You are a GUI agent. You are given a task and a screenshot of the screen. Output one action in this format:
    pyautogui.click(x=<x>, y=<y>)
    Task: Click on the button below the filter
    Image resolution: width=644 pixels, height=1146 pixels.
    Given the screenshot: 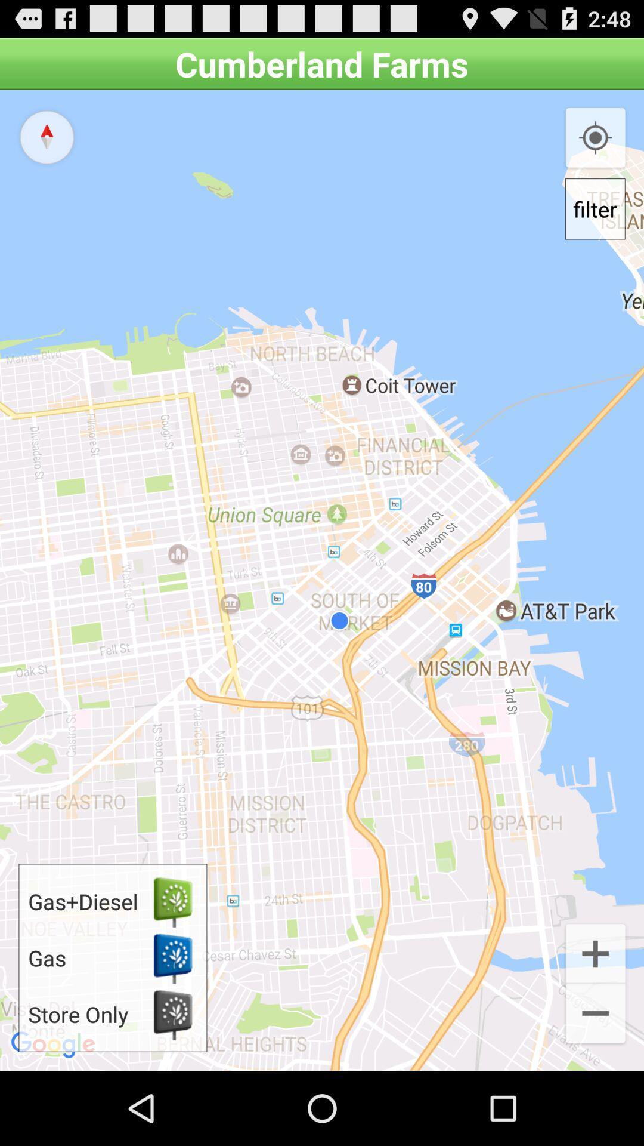 What is the action you would take?
    pyautogui.click(x=595, y=951)
    